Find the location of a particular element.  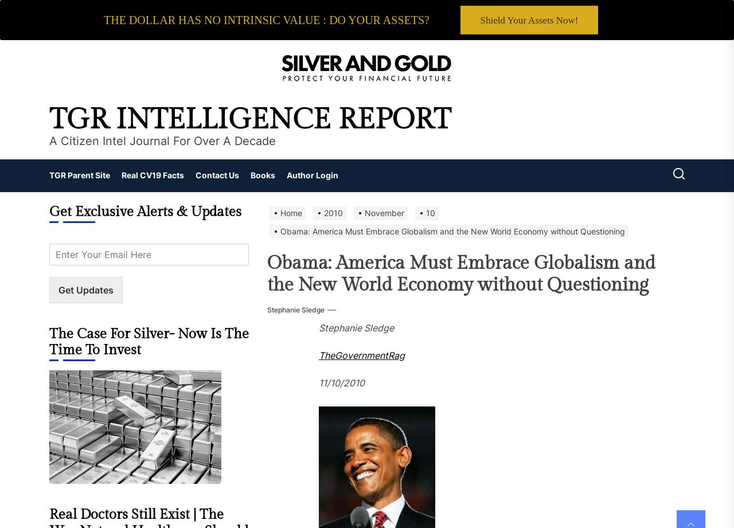

'Author Login' is located at coordinates (313, 174).